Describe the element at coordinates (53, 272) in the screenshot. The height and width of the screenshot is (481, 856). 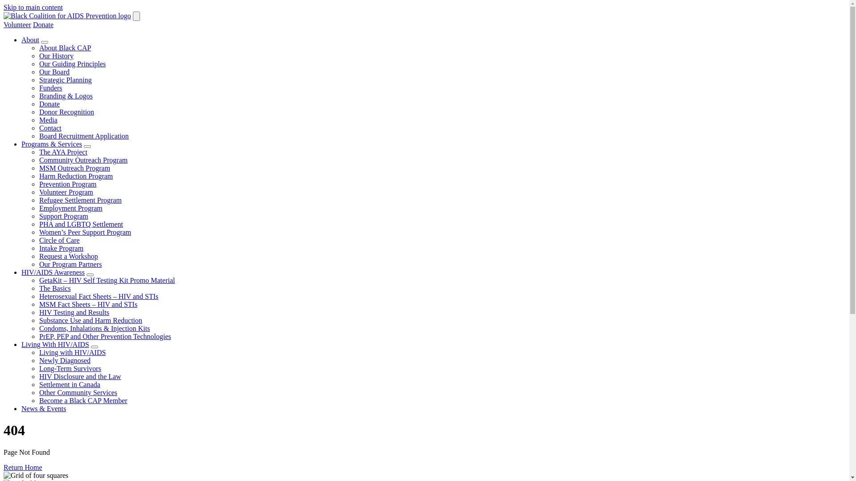
I see `'HIV/AIDS Awareness'` at that location.